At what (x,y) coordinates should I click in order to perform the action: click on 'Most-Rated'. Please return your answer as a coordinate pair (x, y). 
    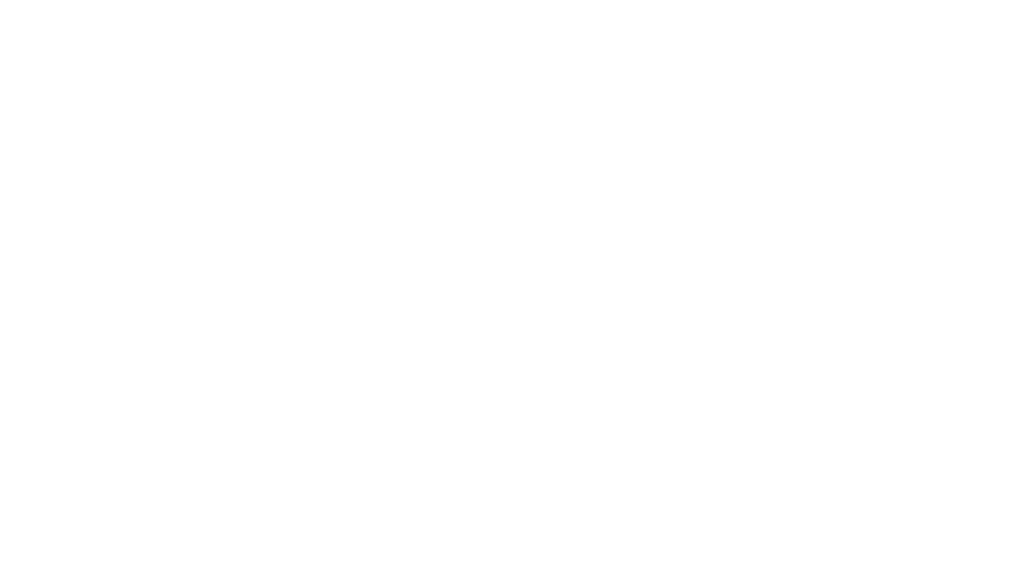
    Looking at the image, I should click on (312, 470).